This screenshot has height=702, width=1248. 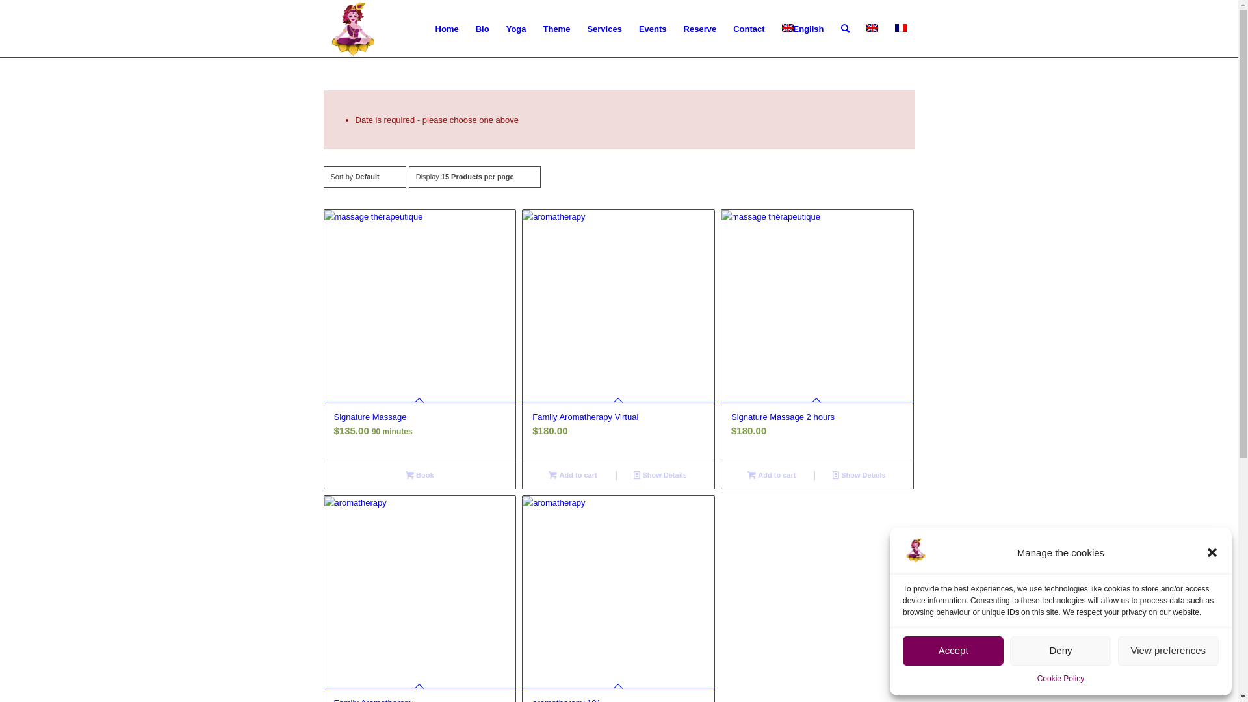 I want to click on 'Accept', so click(x=953, y=651).